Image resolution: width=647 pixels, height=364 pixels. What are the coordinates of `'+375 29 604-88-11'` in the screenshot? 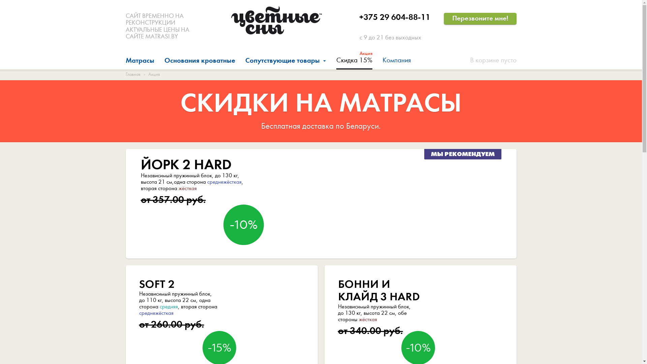 It's located at (359, 17).